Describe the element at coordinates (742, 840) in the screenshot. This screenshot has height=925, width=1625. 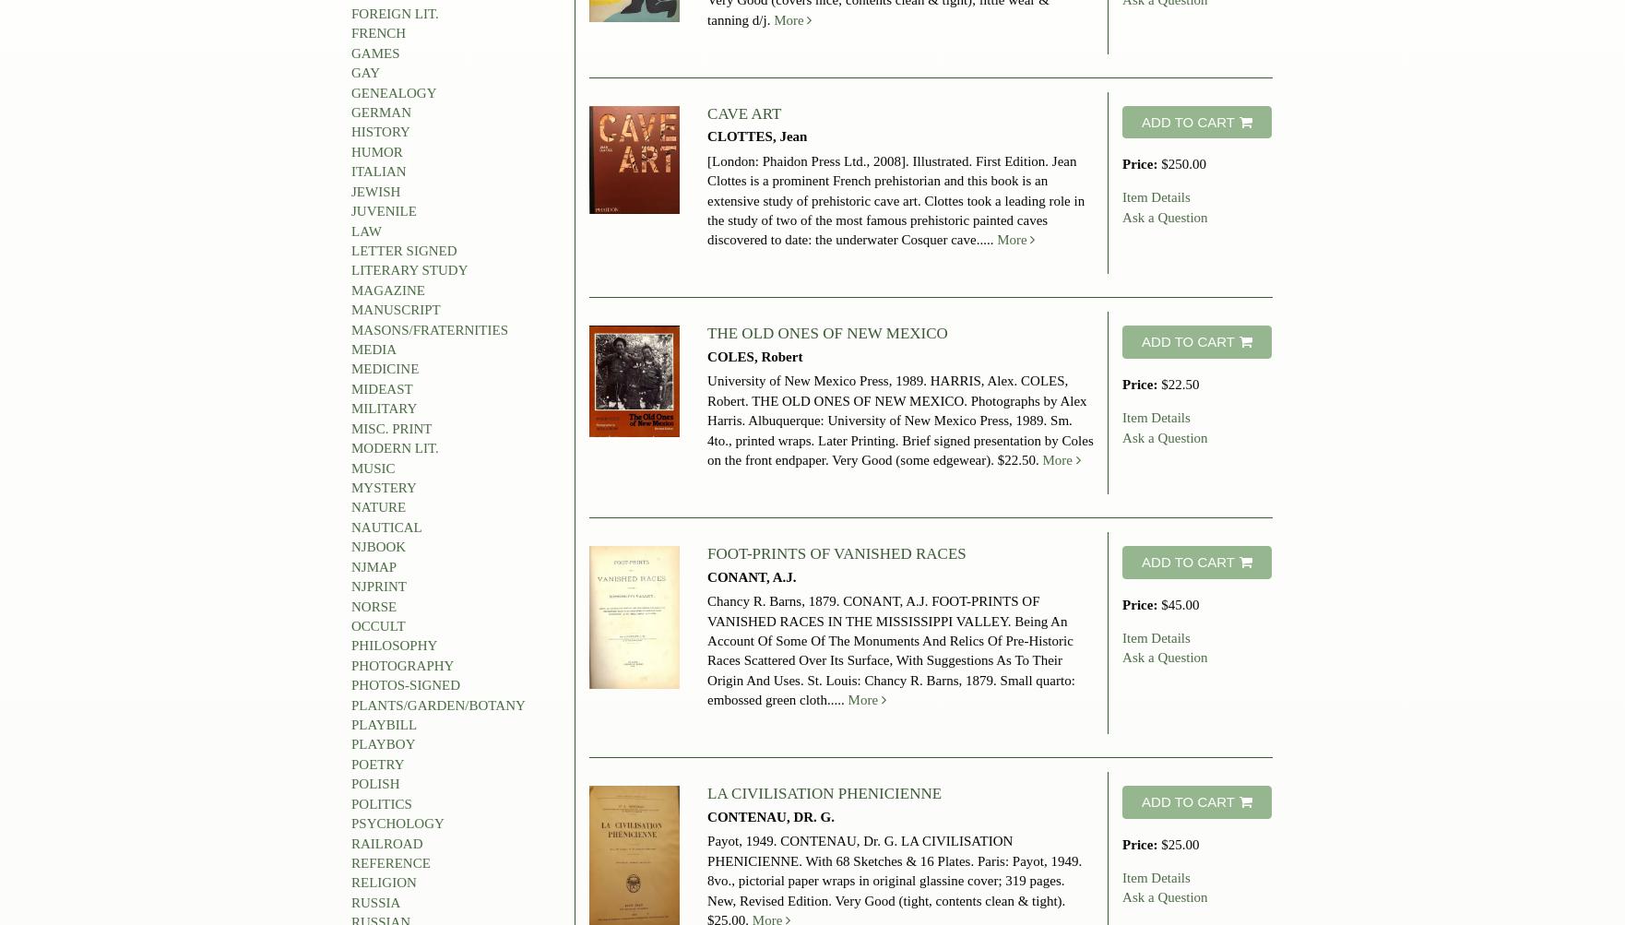
I see `'Payot, 1949.'` at that location.